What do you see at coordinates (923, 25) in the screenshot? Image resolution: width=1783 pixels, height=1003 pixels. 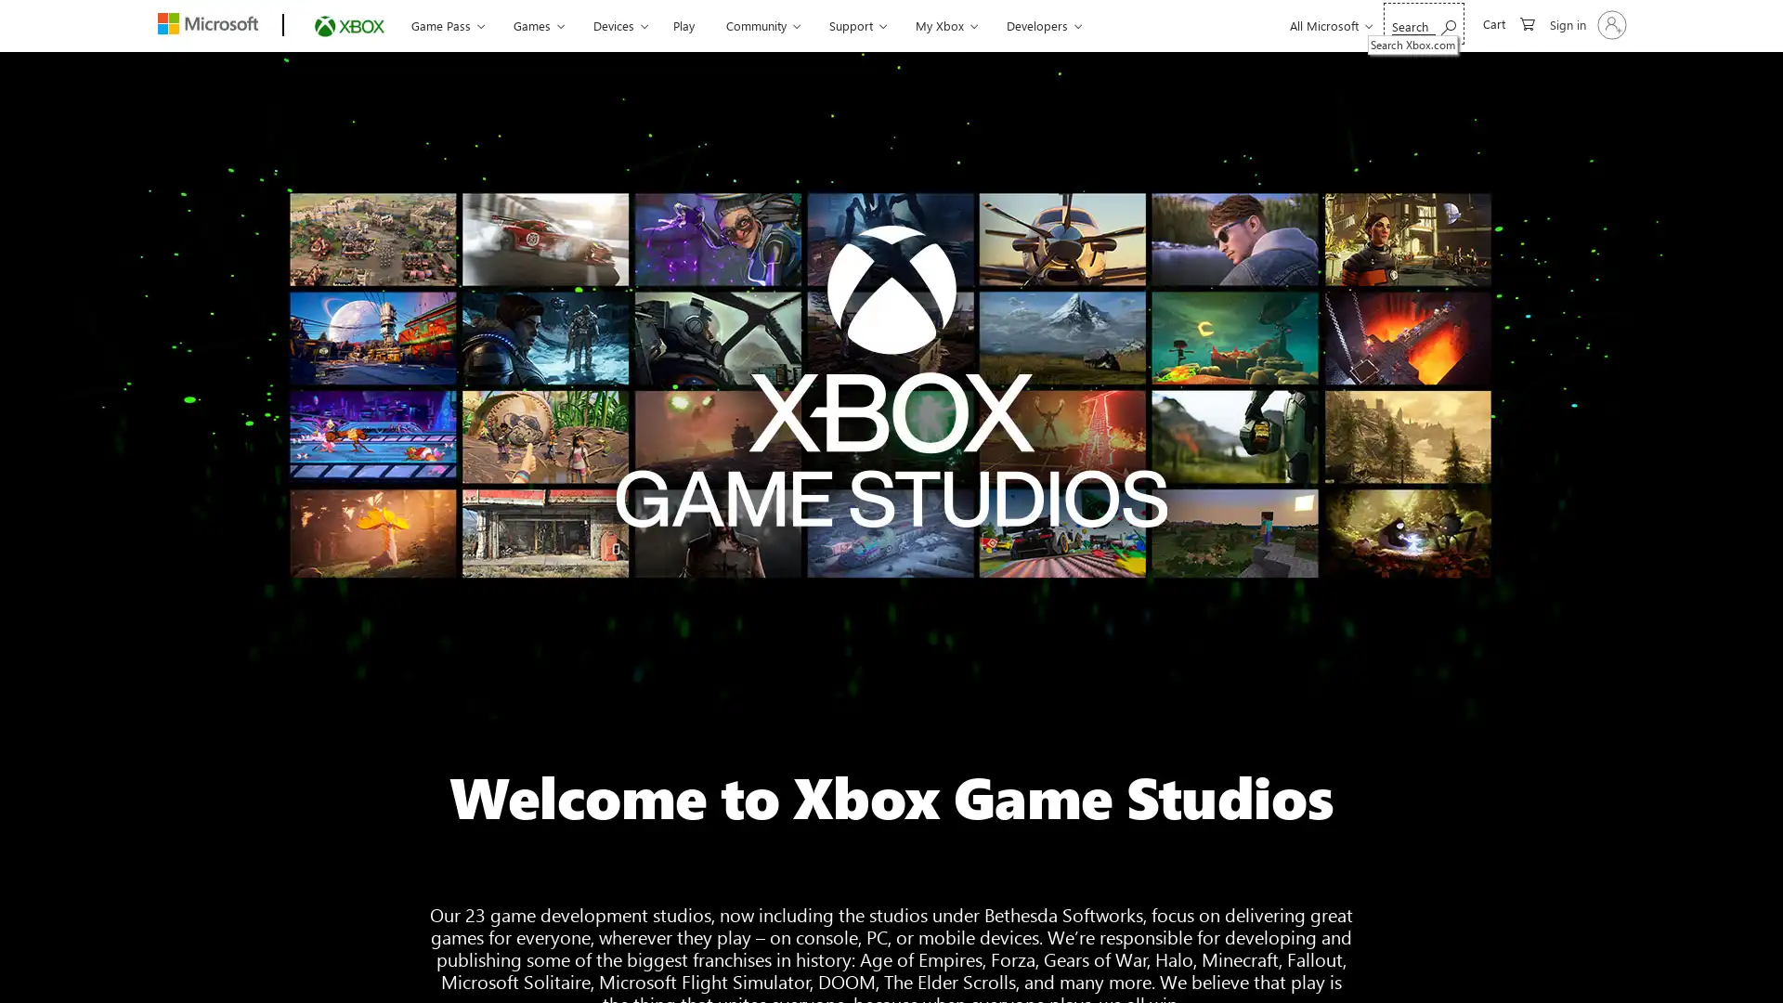 I see `My Xbox` at bounding box center [923, 25].